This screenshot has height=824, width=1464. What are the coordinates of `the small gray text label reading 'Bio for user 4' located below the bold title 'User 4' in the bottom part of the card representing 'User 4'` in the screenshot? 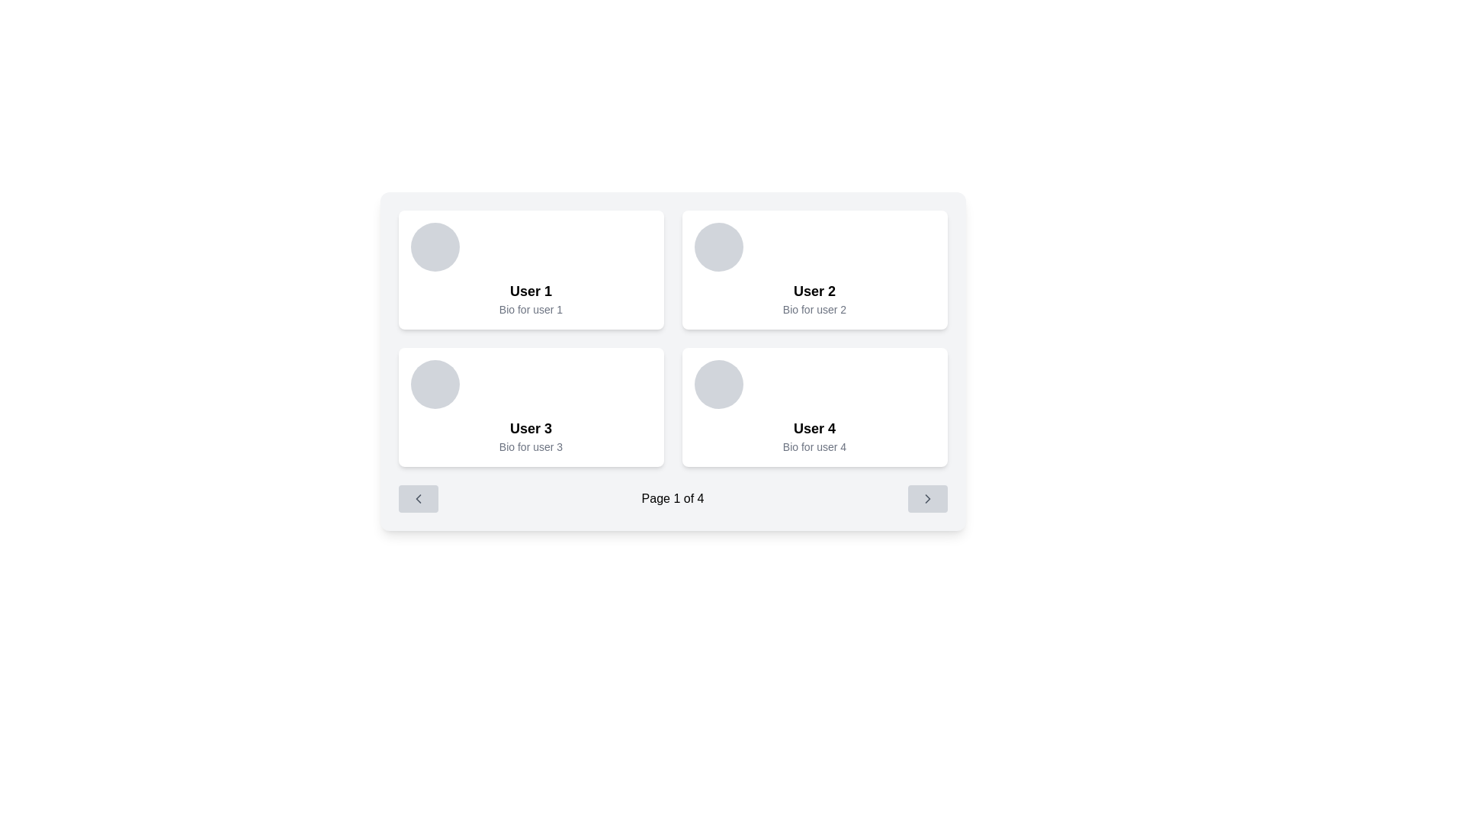 It's located at (814, 446).